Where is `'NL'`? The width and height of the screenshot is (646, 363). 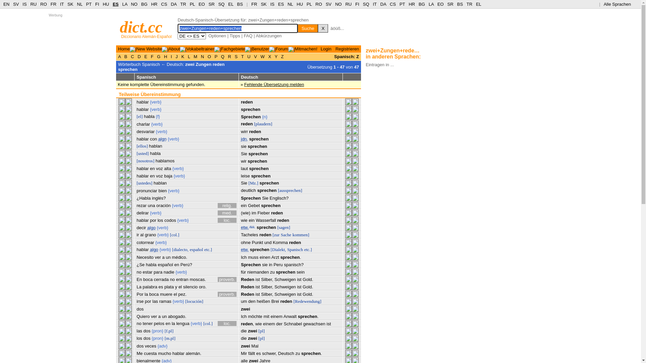
'NL' is located at coordinates (290, 4).